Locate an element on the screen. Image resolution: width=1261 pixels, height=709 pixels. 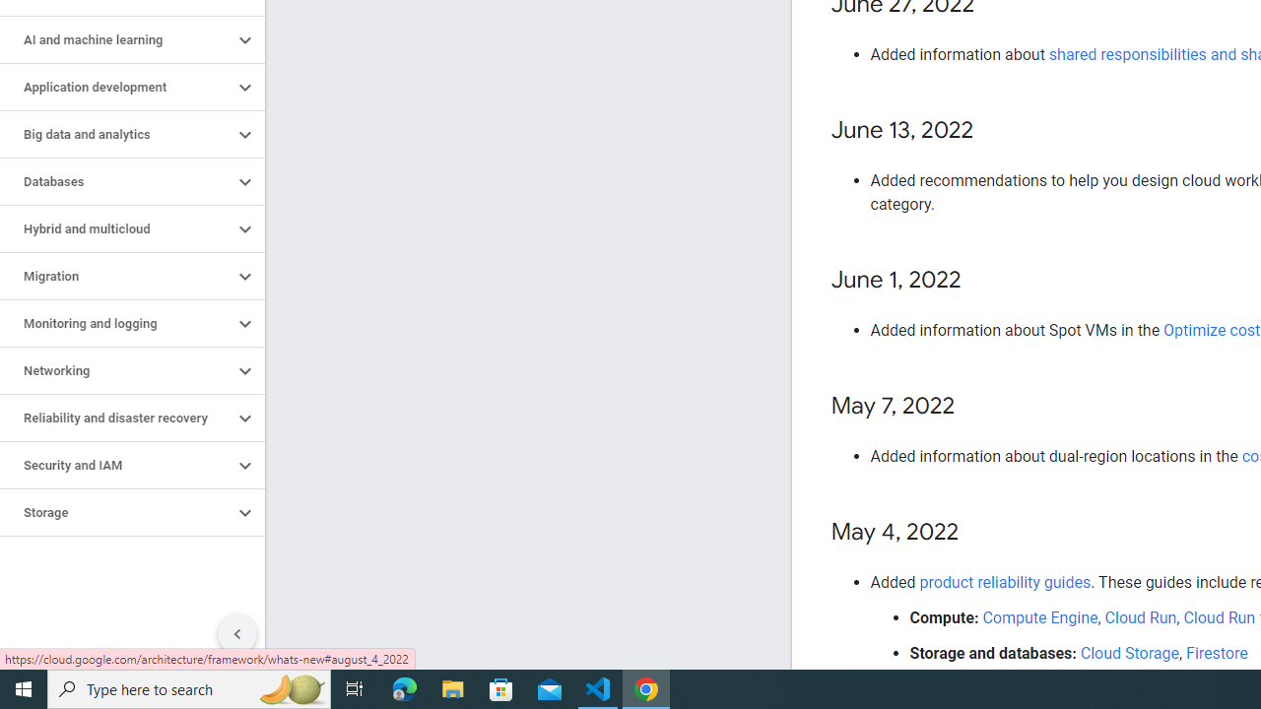
'Copy link to this section: June 13, 2022' is located at coordinates (993, 131).